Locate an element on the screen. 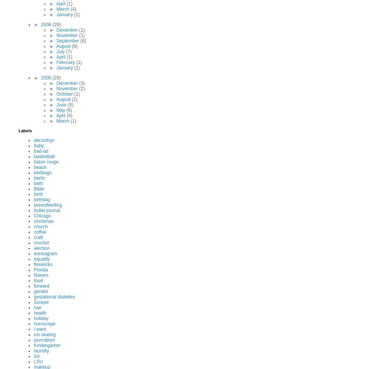 The image size is (373, 369). 'Florida' is located at coordinates (40, 270).